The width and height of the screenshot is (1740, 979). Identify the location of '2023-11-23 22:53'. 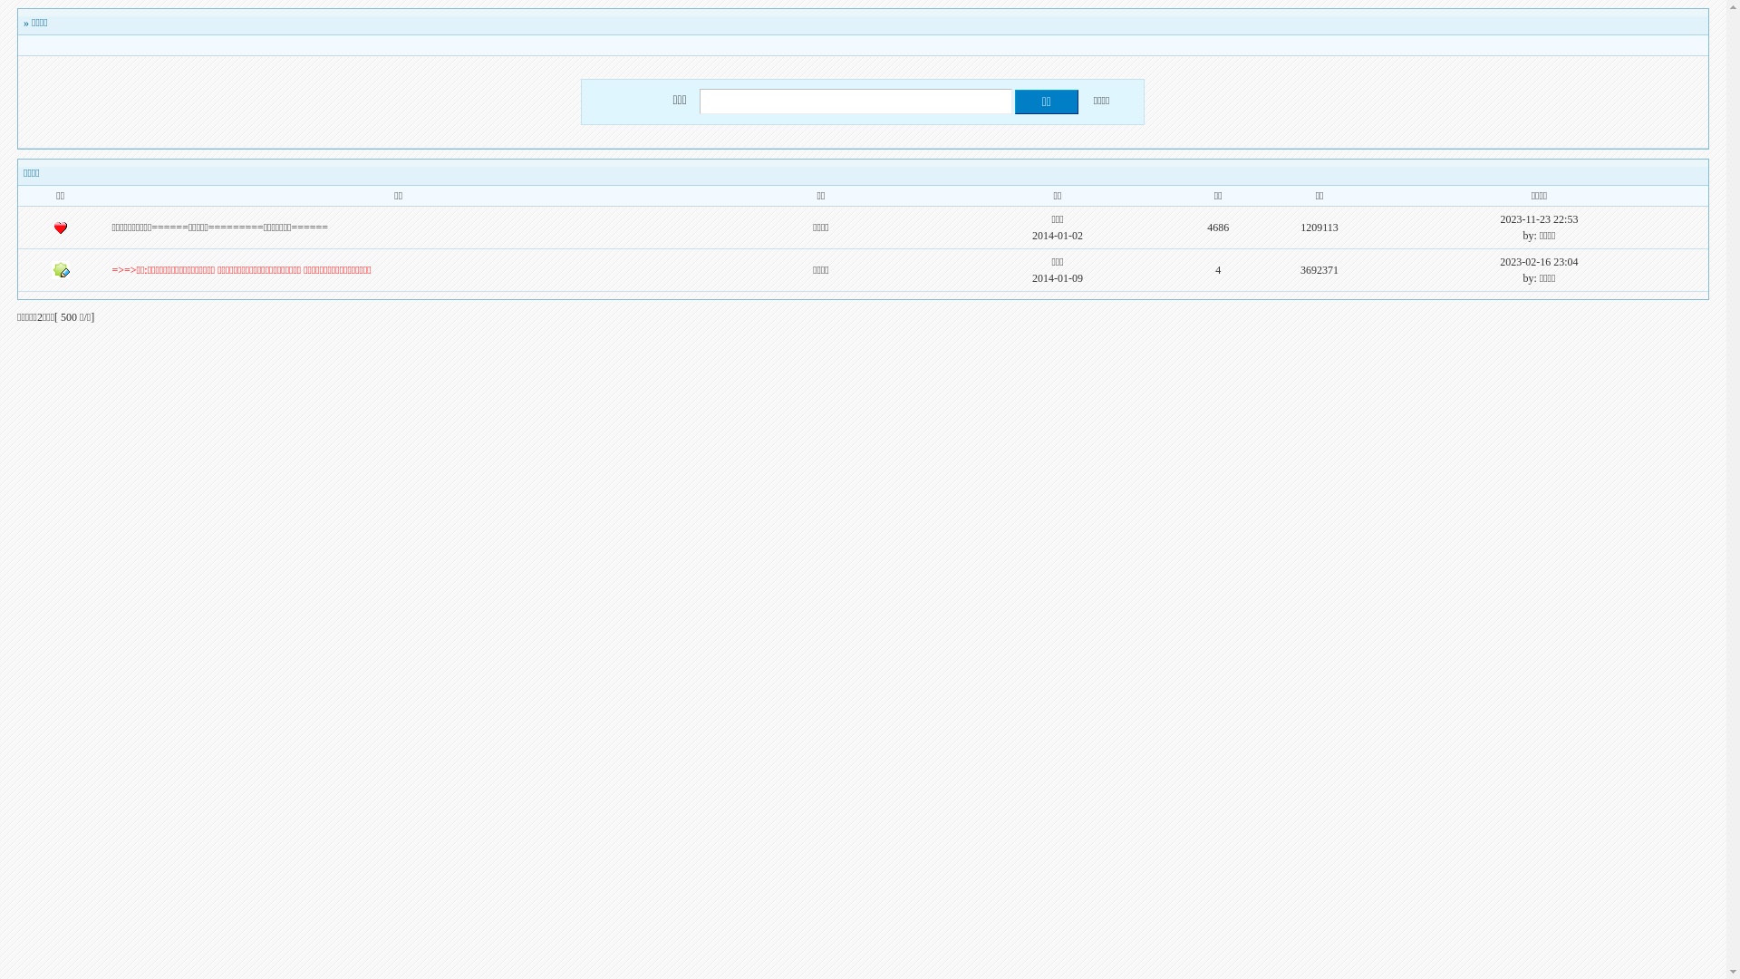
(1539, 218).